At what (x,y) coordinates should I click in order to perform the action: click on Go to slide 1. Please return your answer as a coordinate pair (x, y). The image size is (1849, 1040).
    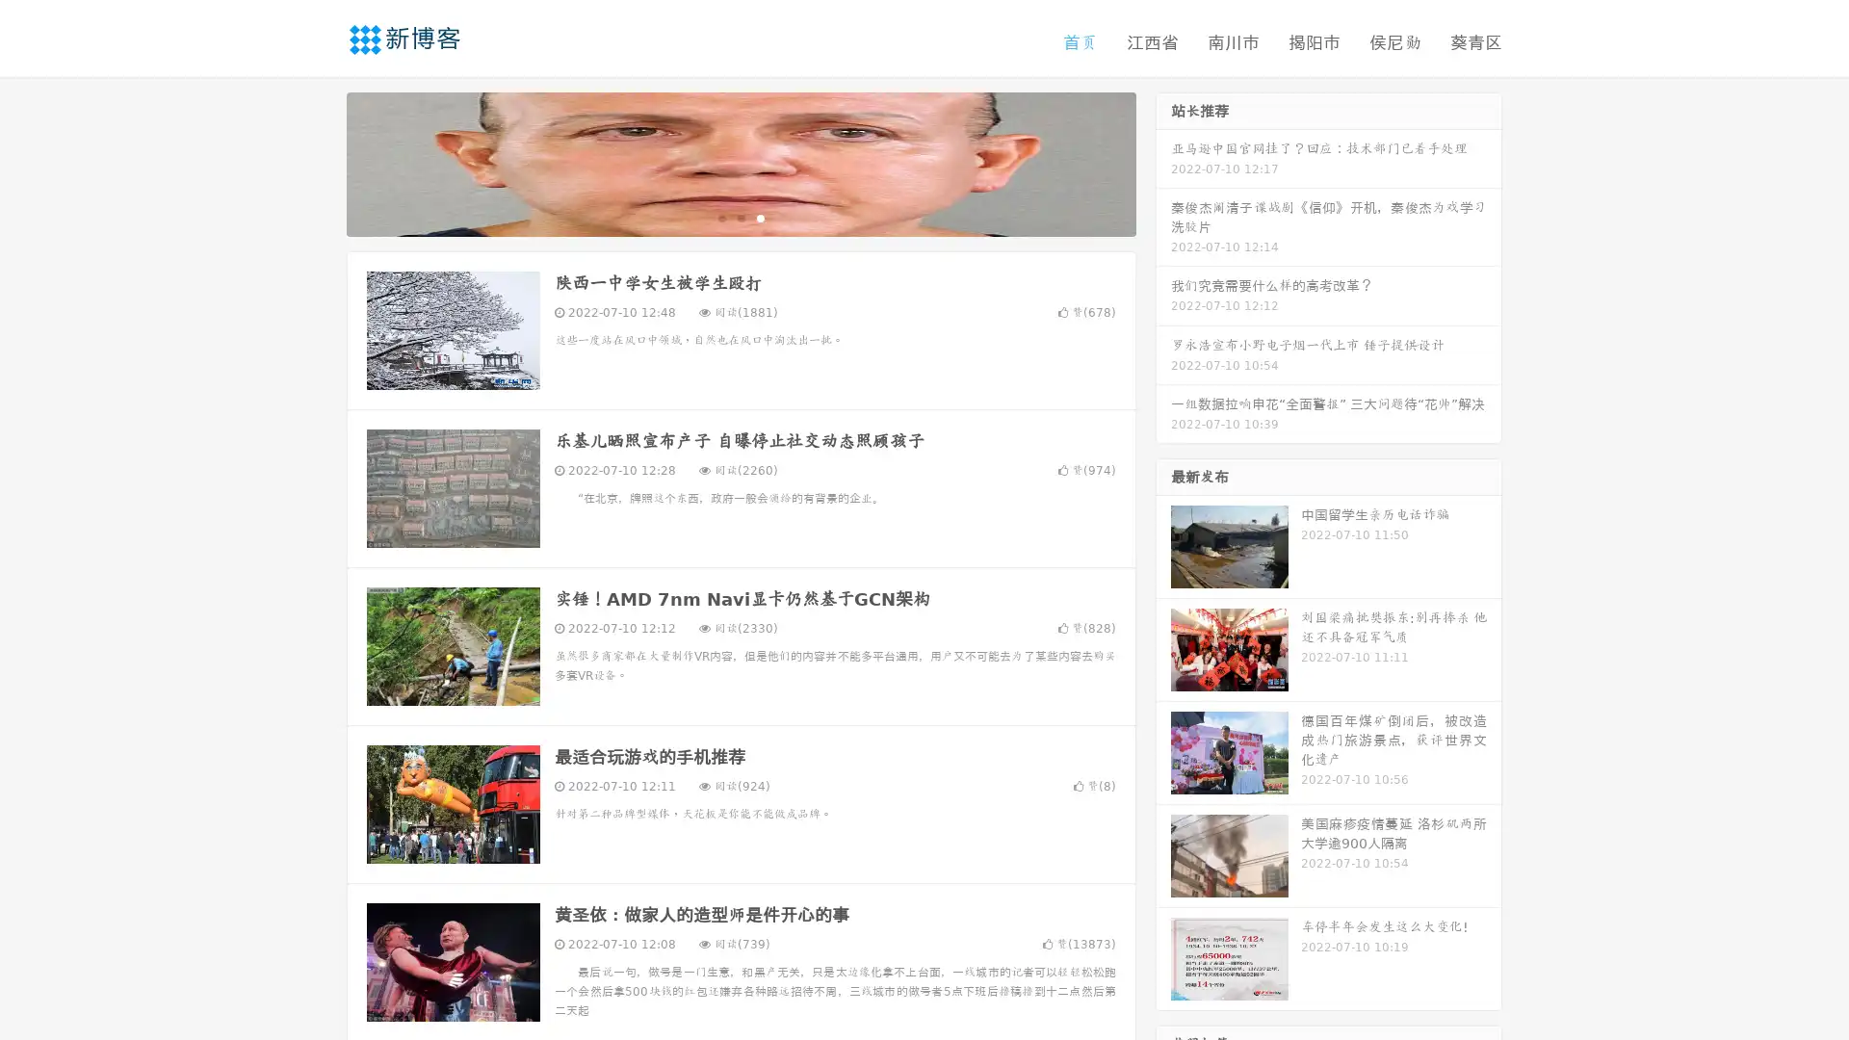
    Looking at the image, I should click on (720, 217).